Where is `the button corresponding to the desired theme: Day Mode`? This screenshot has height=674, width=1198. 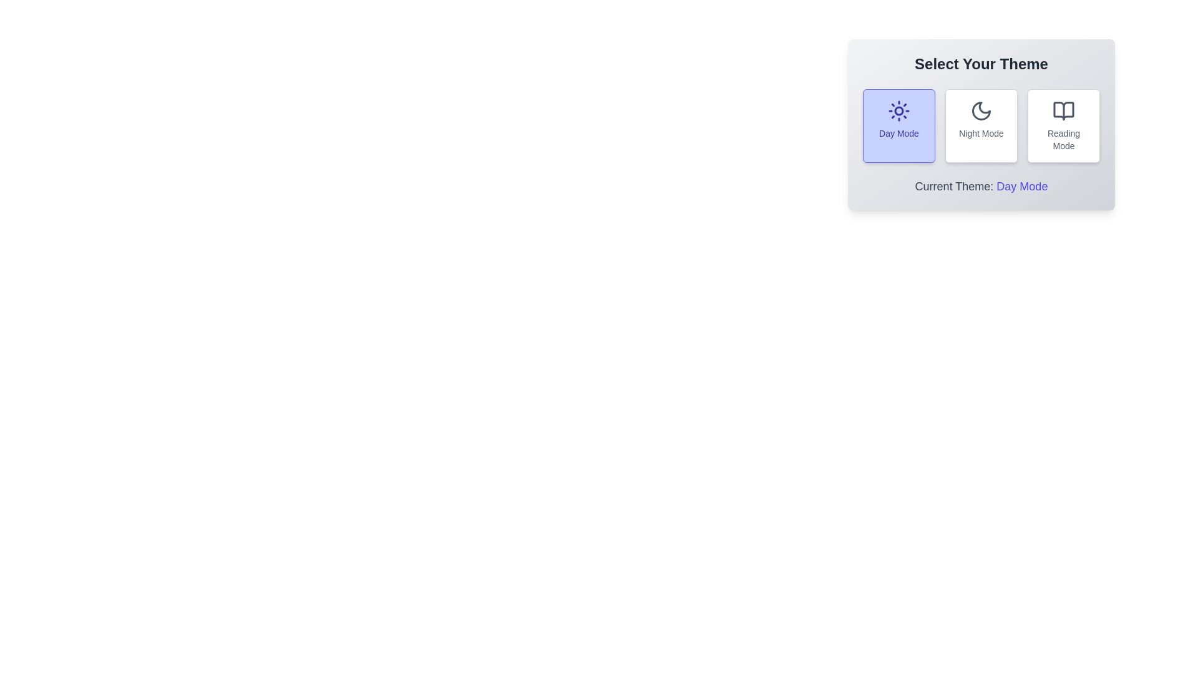
the button corresponding to the desired theme: Day Mode is located at coordinates (898, 125).